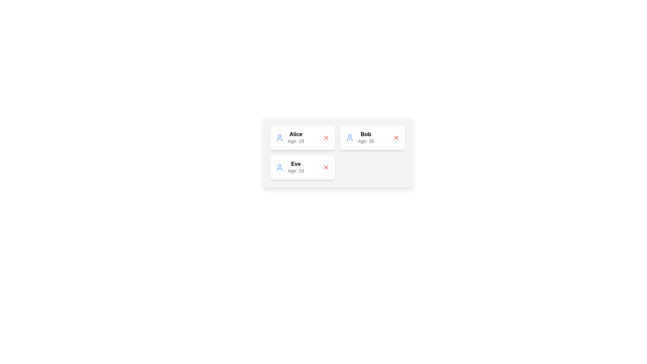  I want to click on the user icon for Eve, so click(280, 167).